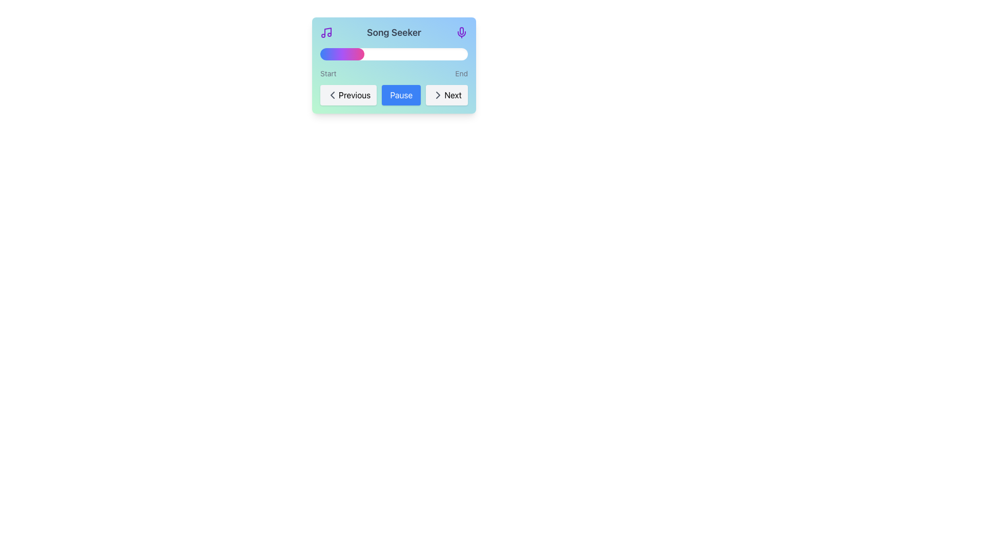  Describe the element at coordinates (333, 54) in the screenshot. I see `the slider value` at that location.